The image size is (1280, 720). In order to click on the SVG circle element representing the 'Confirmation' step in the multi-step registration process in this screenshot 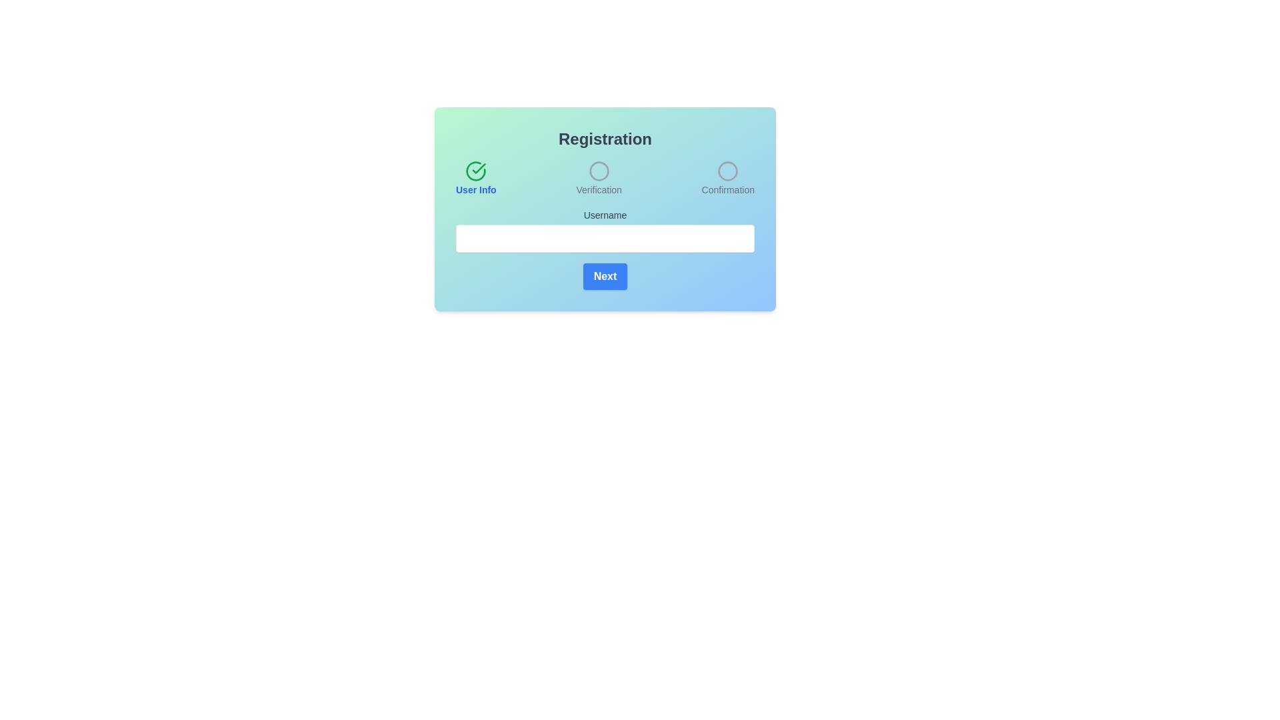, I will do `click(727, 171)`.